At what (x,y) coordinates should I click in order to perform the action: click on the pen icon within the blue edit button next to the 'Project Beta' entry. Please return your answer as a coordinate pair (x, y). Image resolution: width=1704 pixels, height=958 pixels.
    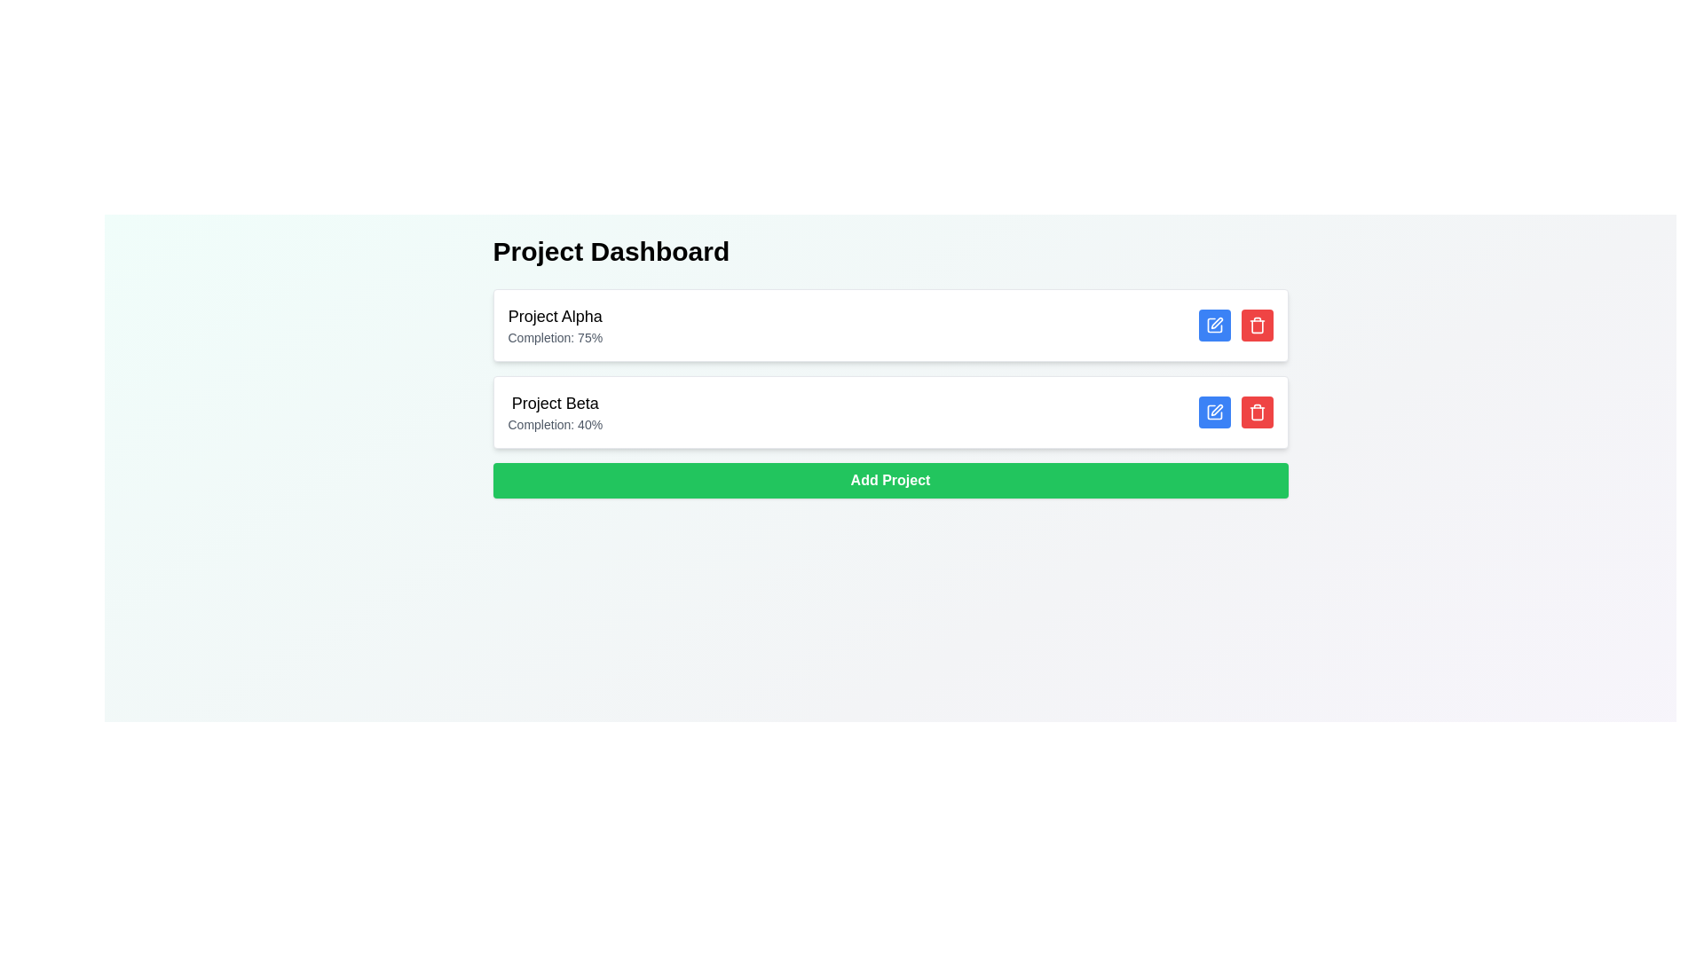
    Looking at the image, I should click on (1213, 325).